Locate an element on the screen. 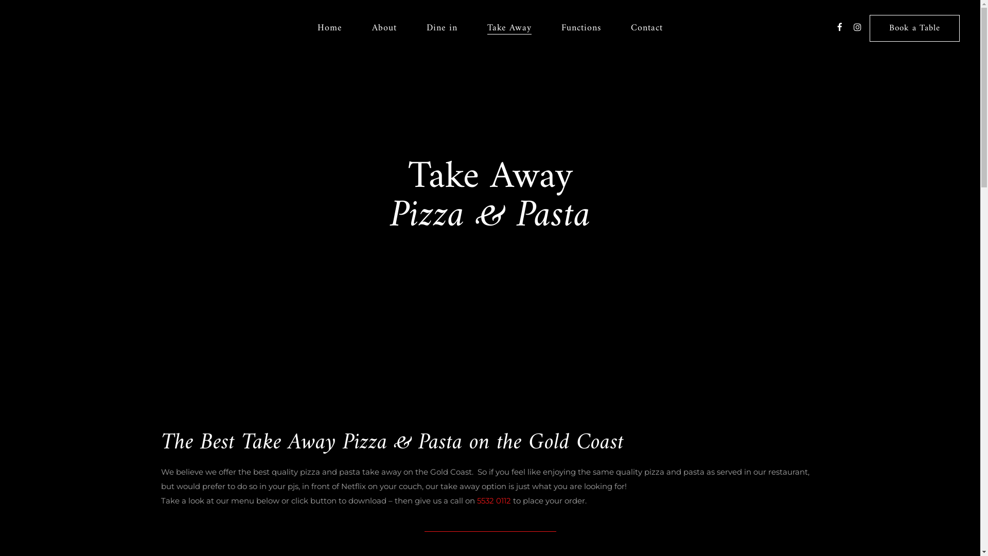 The width and height of the screenshot is (988, 556). '5532 0112' is located at coordinates (493, 500).